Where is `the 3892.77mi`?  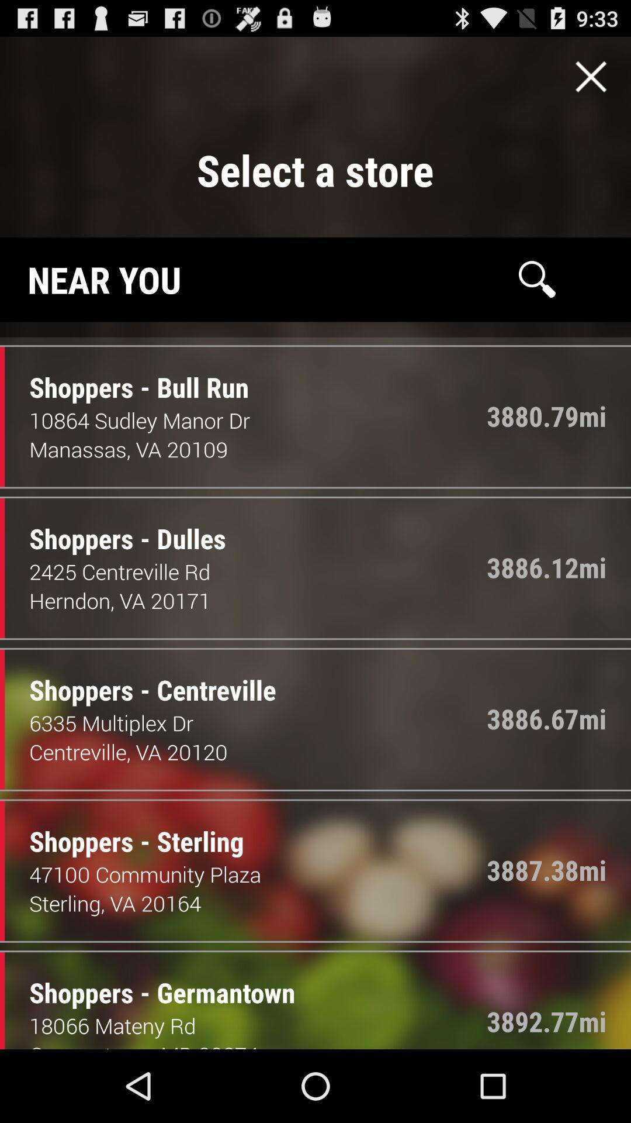
the 3892.77mi is located at coordinates (546, 1021).